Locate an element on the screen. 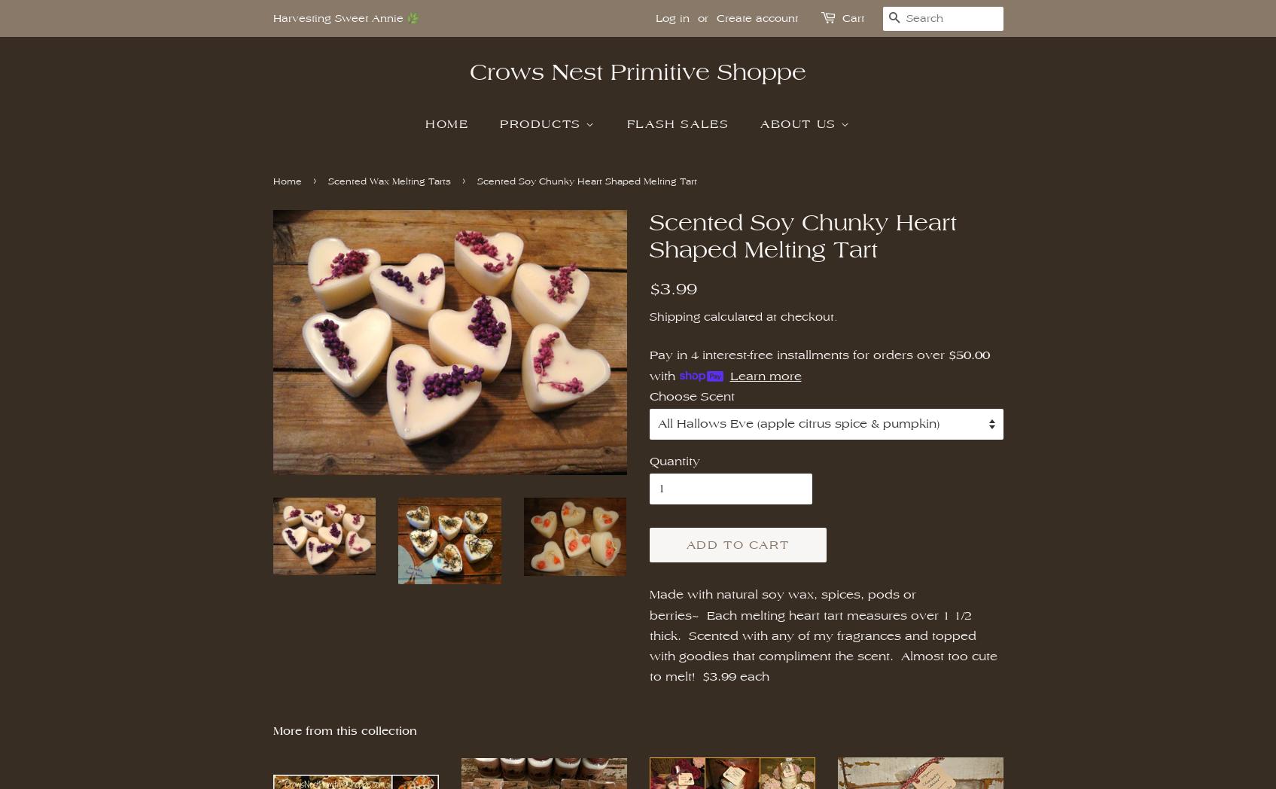 The height and width of the screenshot is (789, 1276). 'Almost too cute to melt!  $3.99 each' is located at coordinates (822, 666).